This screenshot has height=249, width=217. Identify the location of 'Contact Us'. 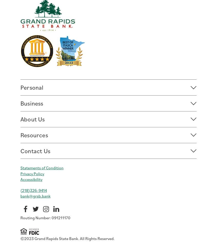
(35, 150).